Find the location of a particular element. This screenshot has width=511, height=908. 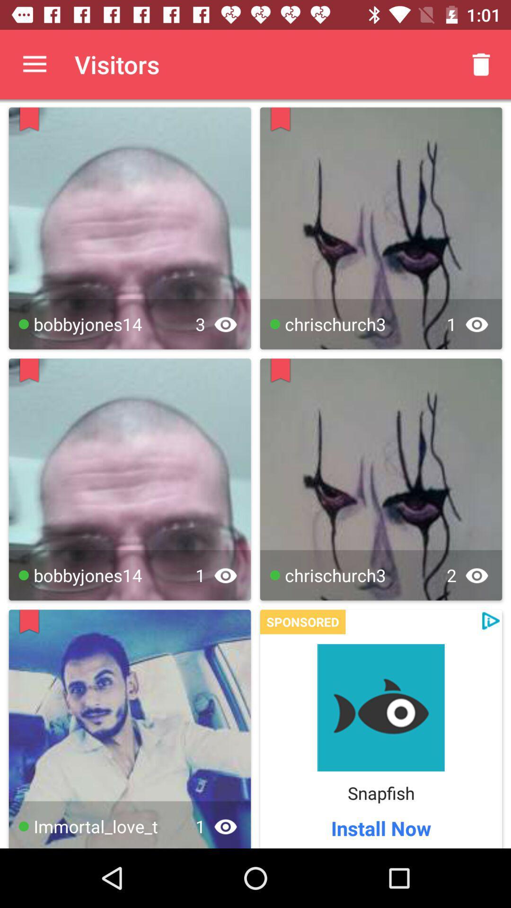

the app next to the visitors item is located at coordinates (34, 64).